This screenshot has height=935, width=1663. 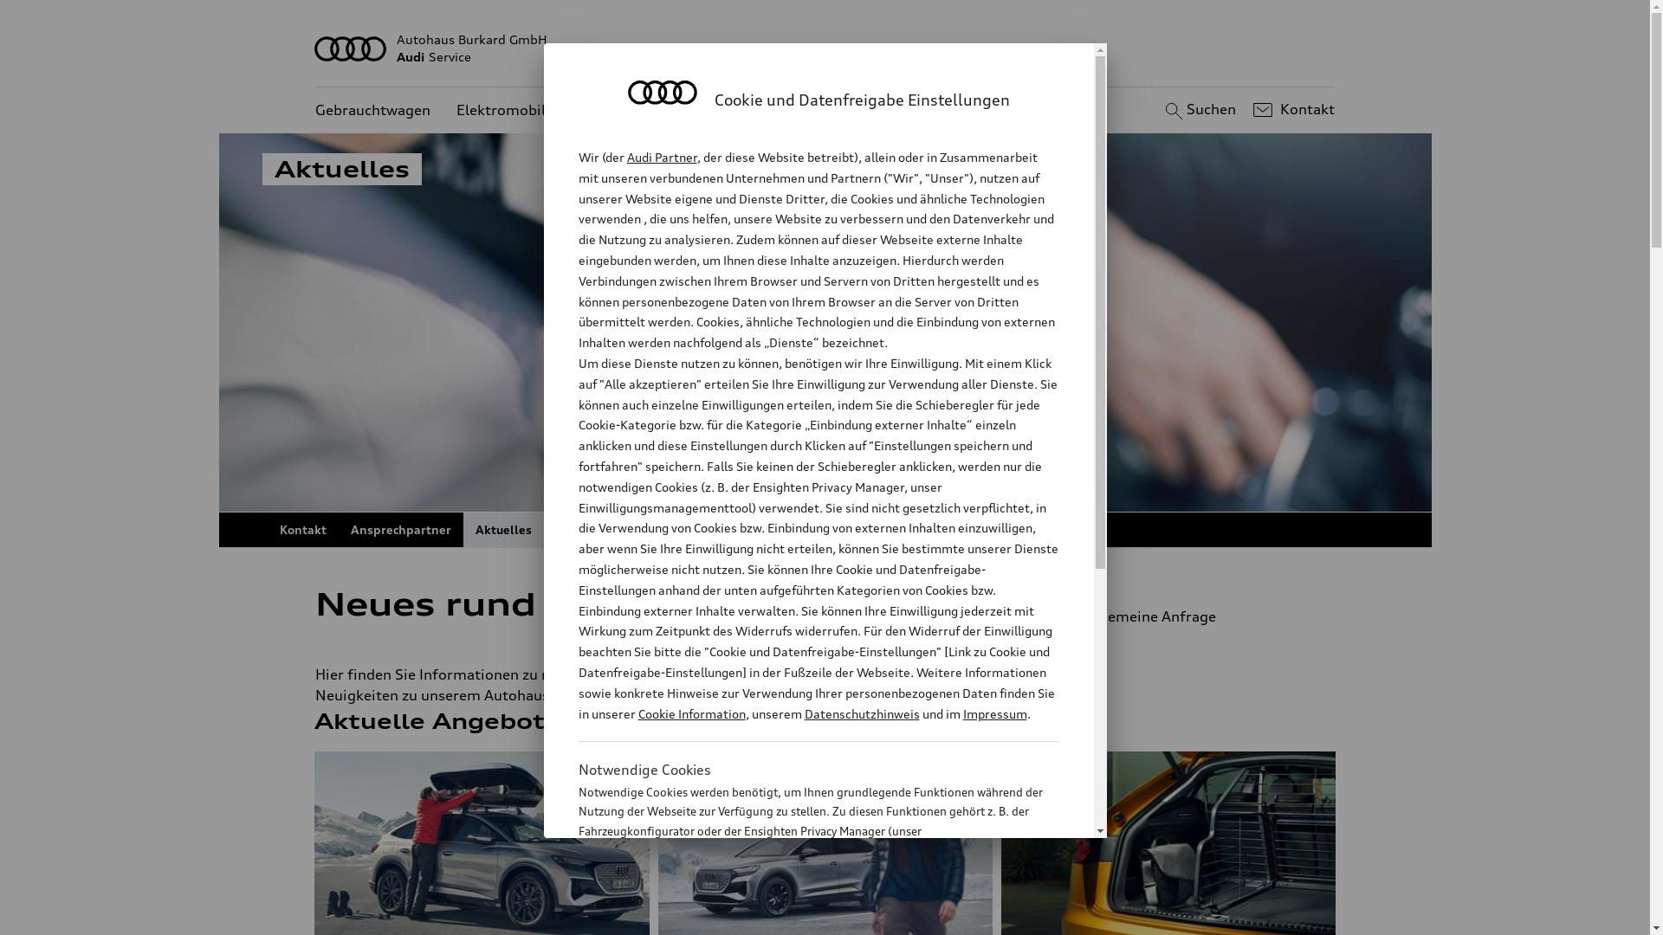 I want to click on 'Allgemeine Anfrage', so click(x=1051, y=616).